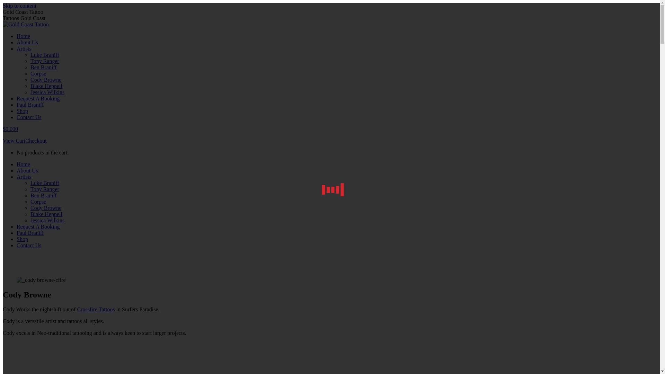 This screenshot has height=374, width=665. Describe the element at coordinates (27, 42) in the screenshot. I see `'About Us'` at that location.